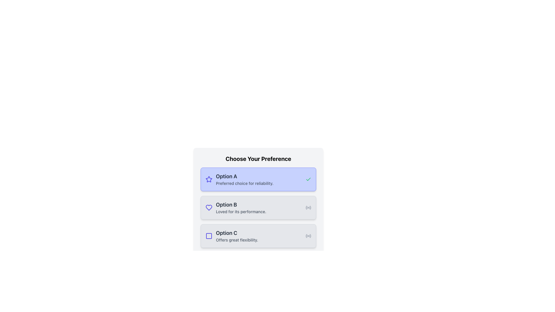  I want to click on the star icon with a blue outline and transparent filling, which is positioned at the top of the selection card labeled 'Option A', so click(209, 179).